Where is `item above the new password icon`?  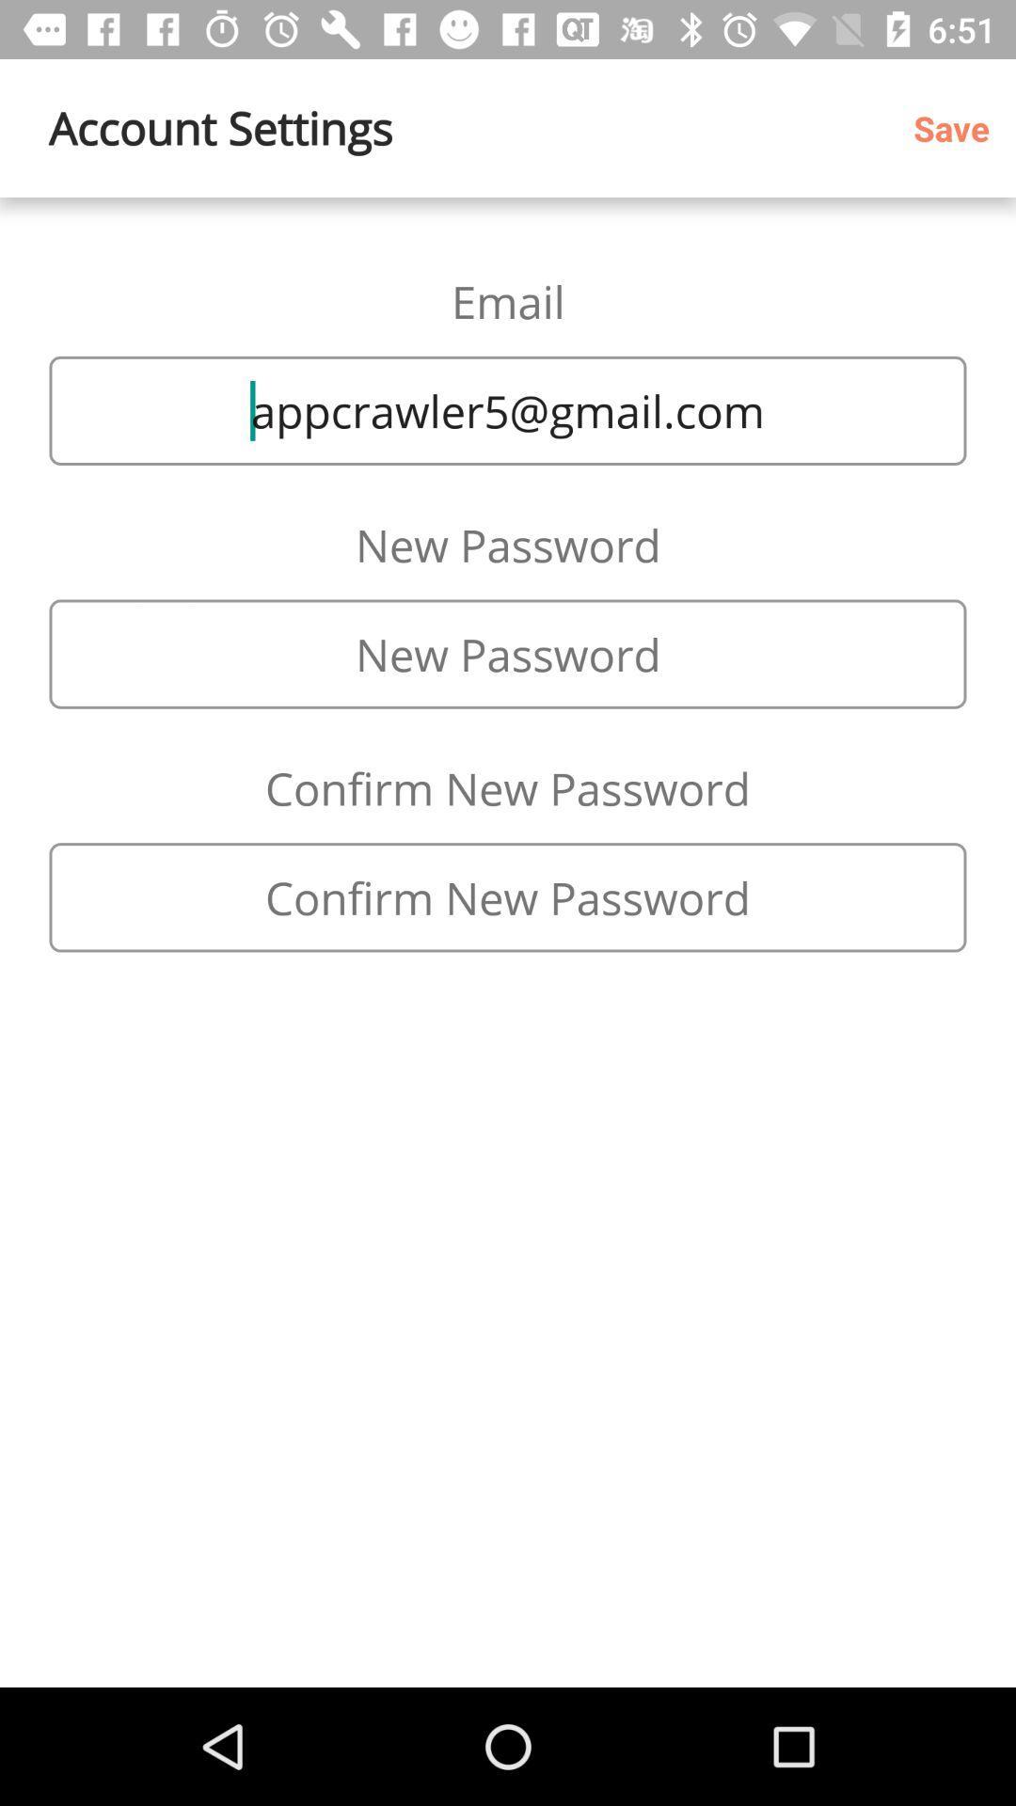 item above the new password icon is located at coordinates (508, 409).